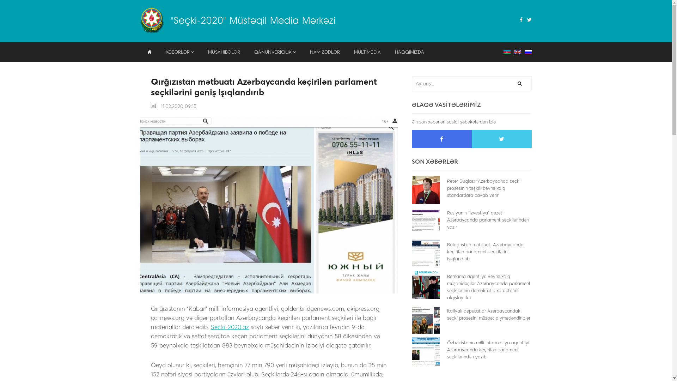 Image resolution: width=677 pixels, height=381 pixels. Describe the element at coordinates (409, 52) in the screenshot. I see `'HAQQIMIZDA'` at that location.